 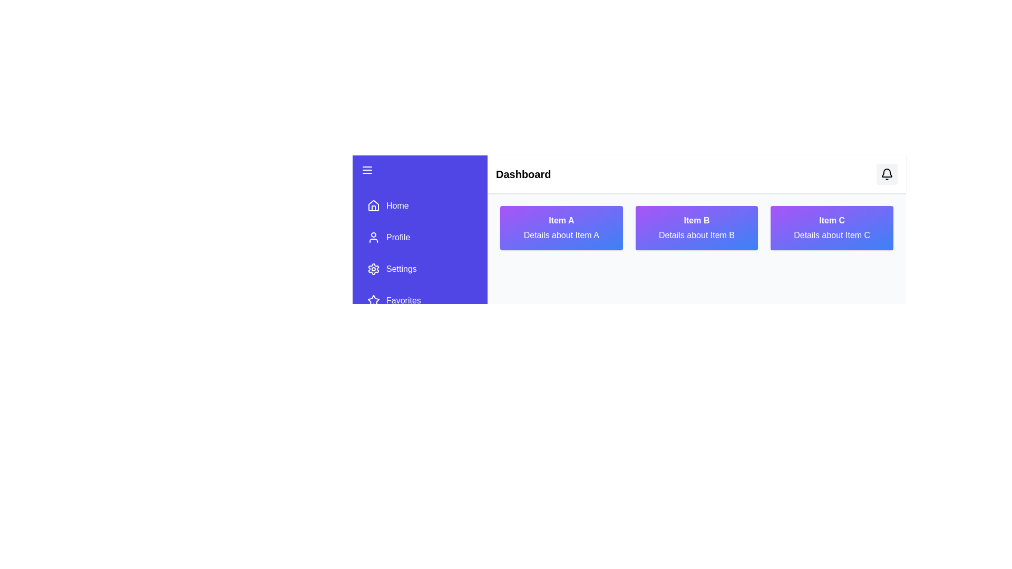 What do you see at coordinates (374, 300) in the screenshot?
I see `star-shaped outlined icon located to the left of the 'Favorites' text in the navigation menu area, to determine its interactivity` at bounding box center [374, 300].